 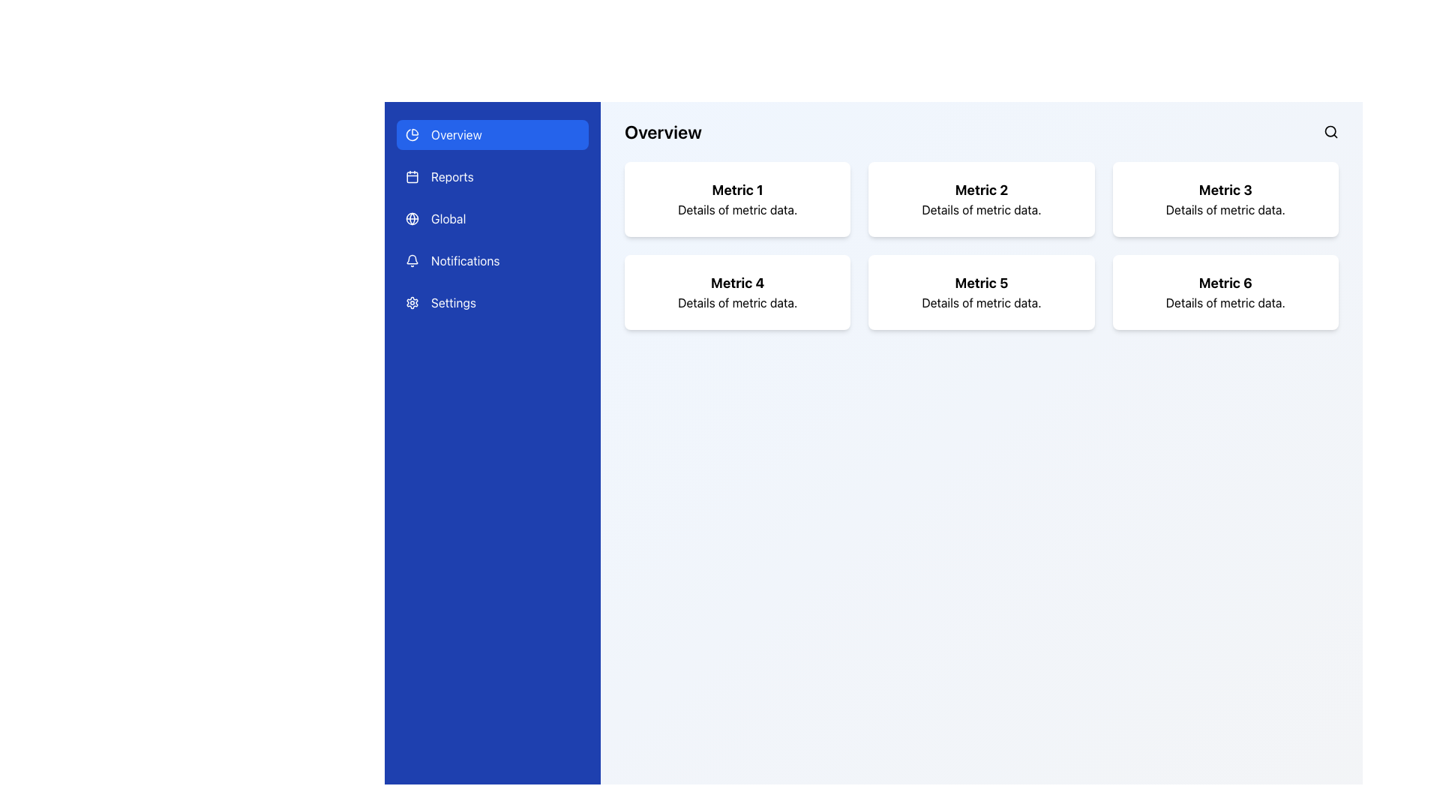 What do you see at coordinates (1225, 283) in the screenshot?
I see `the title text label indicating the name of a specific metric on the card located in the lower-right of the grid layout, near the descriptive text 'Details of metric data.'` at bounding box center [1225, 283].